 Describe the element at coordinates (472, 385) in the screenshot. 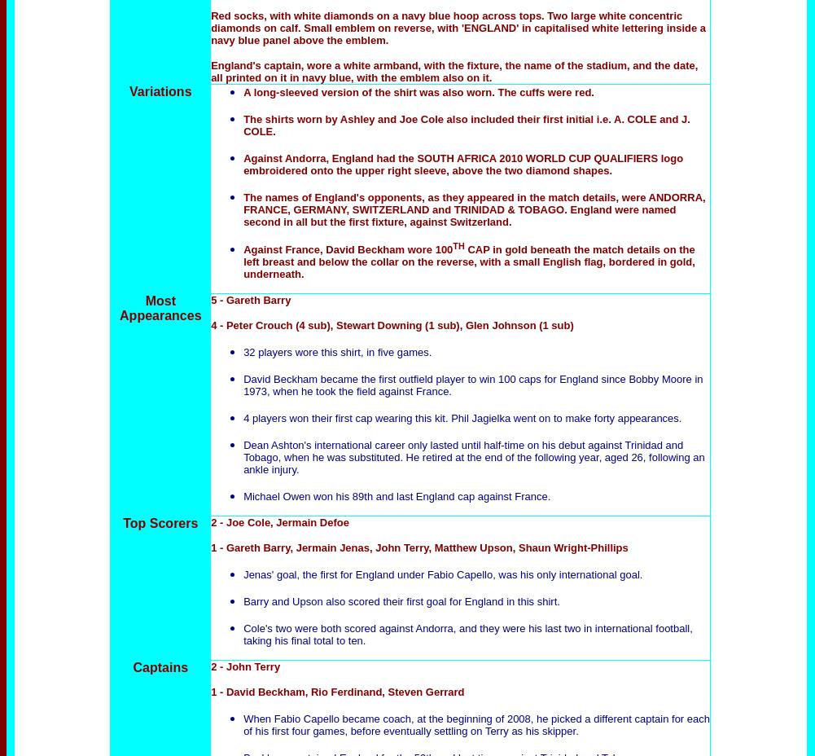

I see `'David Beckham became the 
		first outfield player to win 100 caps for England since Bobby Moore in 
		1973, when he took the field against France.'` at that location.